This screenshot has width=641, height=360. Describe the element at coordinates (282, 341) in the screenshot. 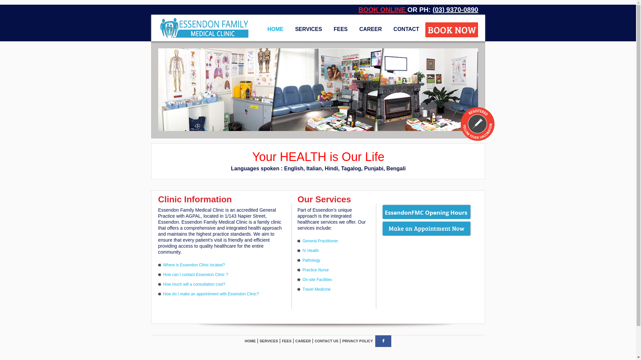

I see `'FEES'` at that location.